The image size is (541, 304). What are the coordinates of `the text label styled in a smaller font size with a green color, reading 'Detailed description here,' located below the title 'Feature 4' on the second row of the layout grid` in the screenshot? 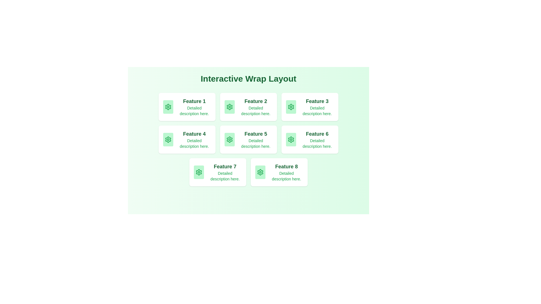 It's located at (194, 143).